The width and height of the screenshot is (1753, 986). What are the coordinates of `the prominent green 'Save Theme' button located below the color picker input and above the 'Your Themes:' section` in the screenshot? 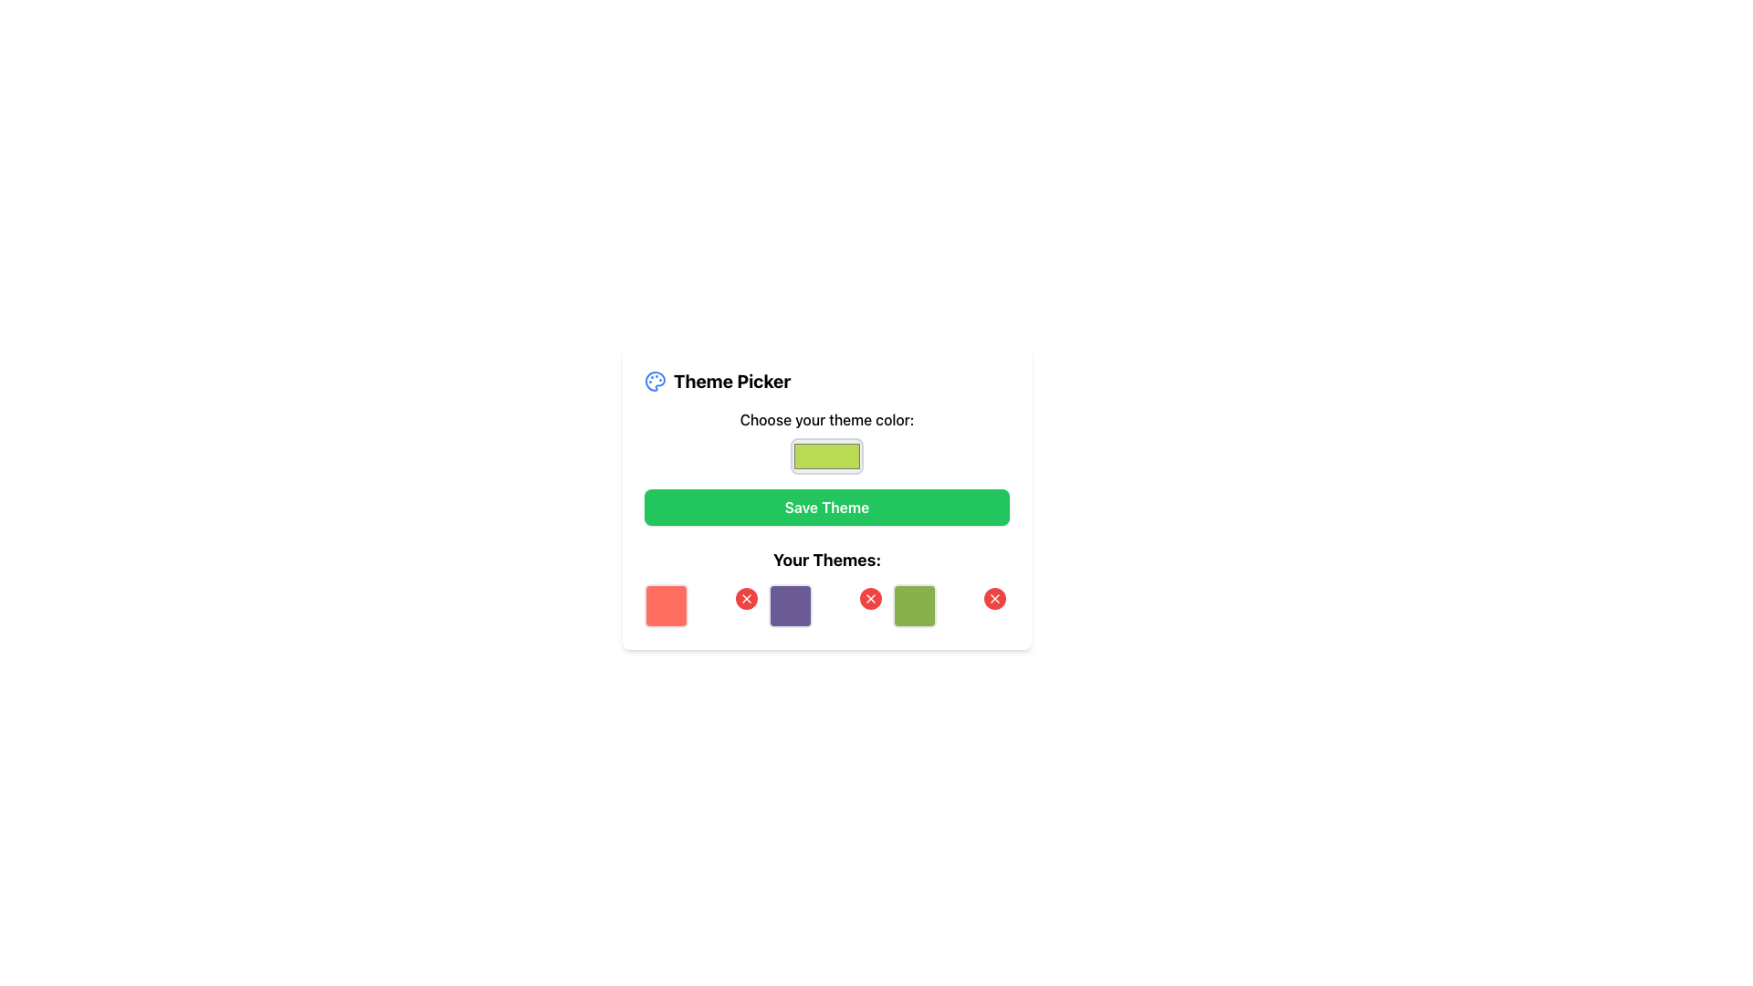 It's located at (826, 507).